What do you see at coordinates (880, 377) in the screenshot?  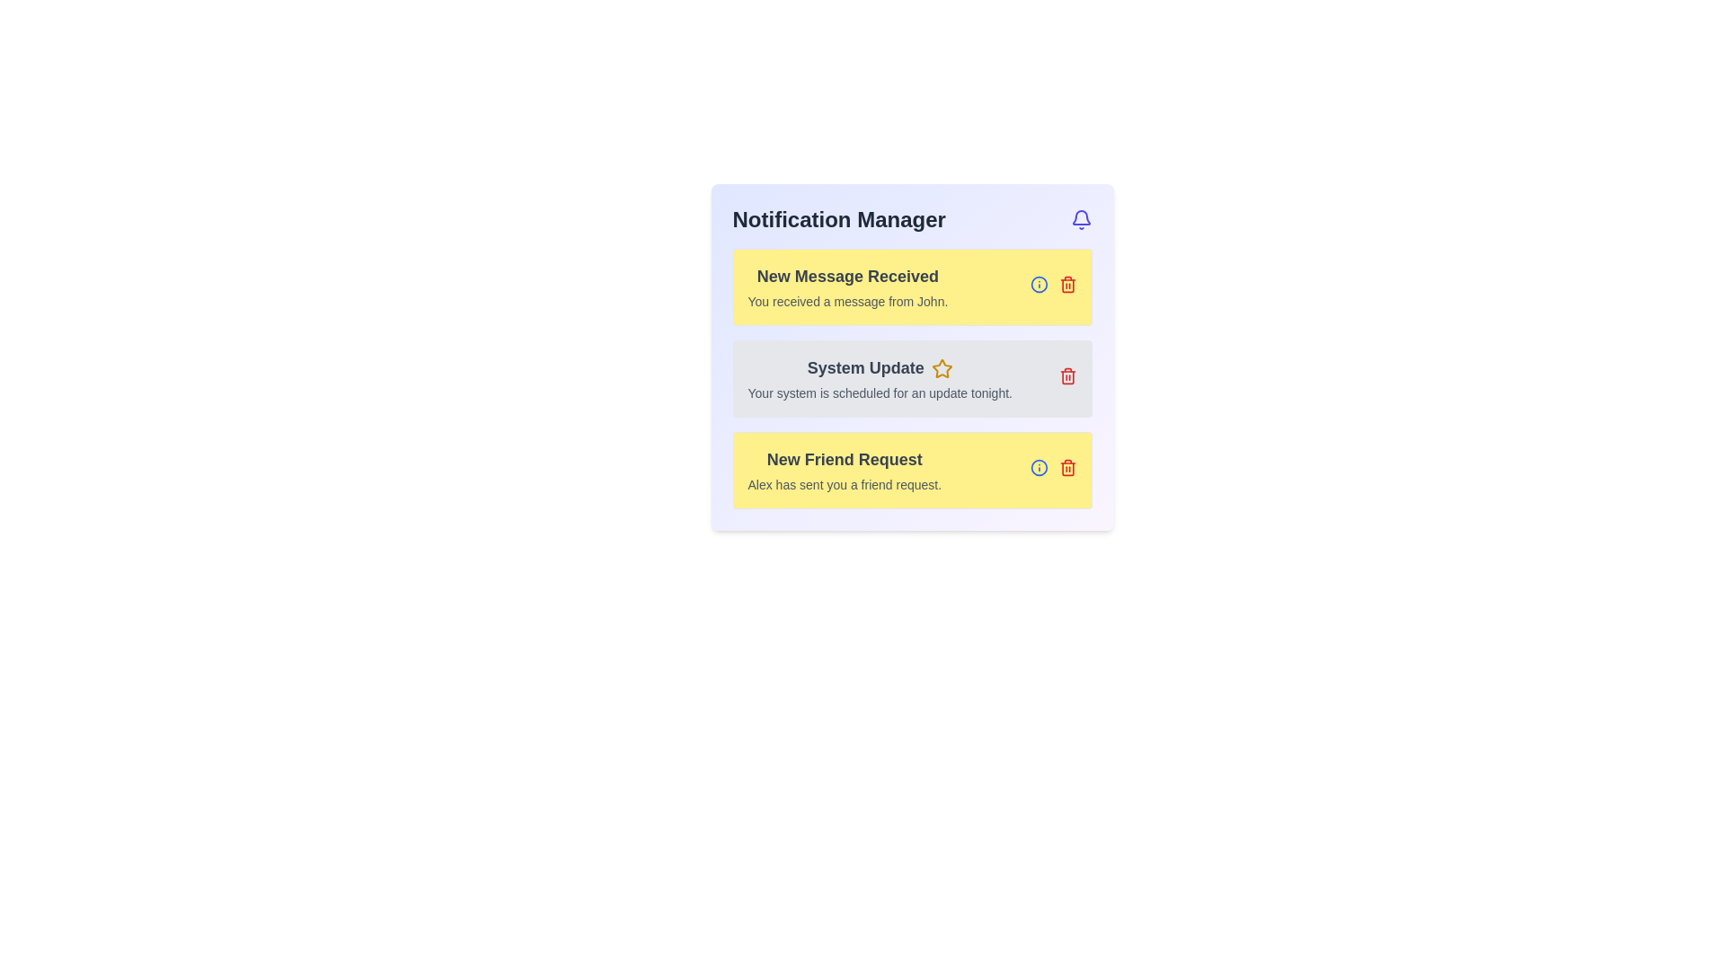 I see `the notification card that informs the user about an upcoming system update, located in the center of the notification manager interface` at bounding box center [880, 377].